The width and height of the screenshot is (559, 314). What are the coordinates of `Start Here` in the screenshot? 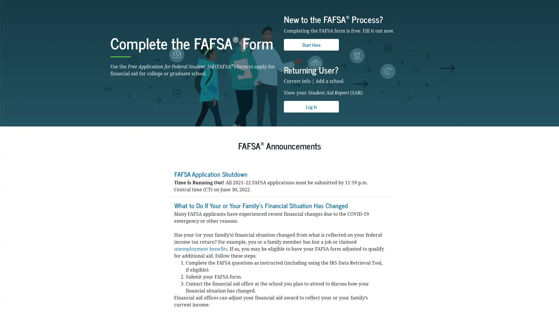 It's located at (311, 82).